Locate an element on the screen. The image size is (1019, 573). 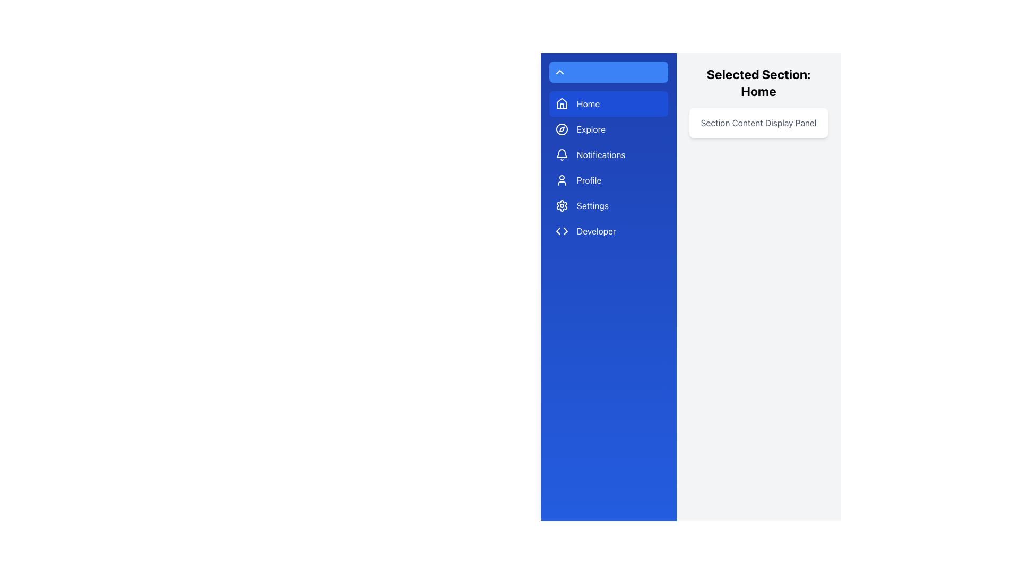
the 'Profile' button in the navigation sidebar is located at coordinates (609, 179).